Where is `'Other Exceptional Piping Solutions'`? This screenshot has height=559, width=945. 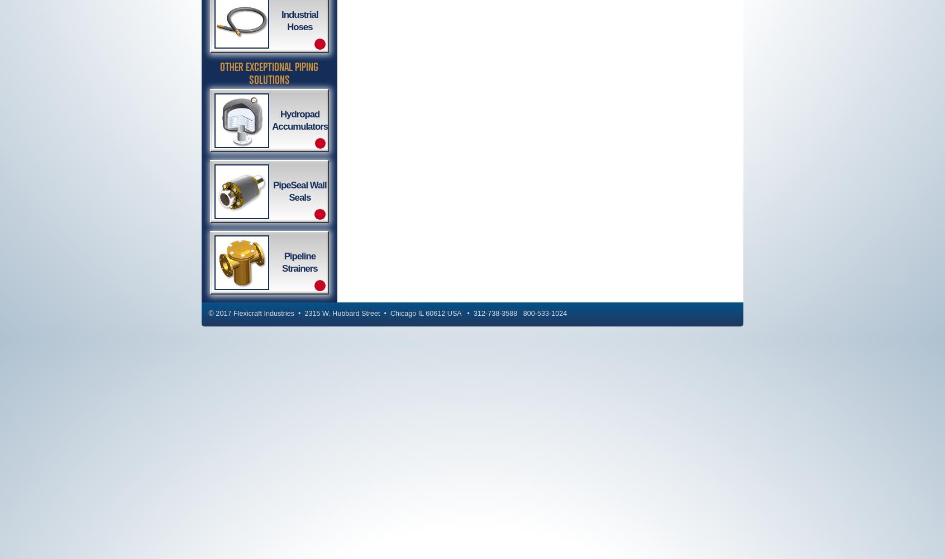 'Other Exceptional Piping Solutions' is located at coordinates (220, 73).